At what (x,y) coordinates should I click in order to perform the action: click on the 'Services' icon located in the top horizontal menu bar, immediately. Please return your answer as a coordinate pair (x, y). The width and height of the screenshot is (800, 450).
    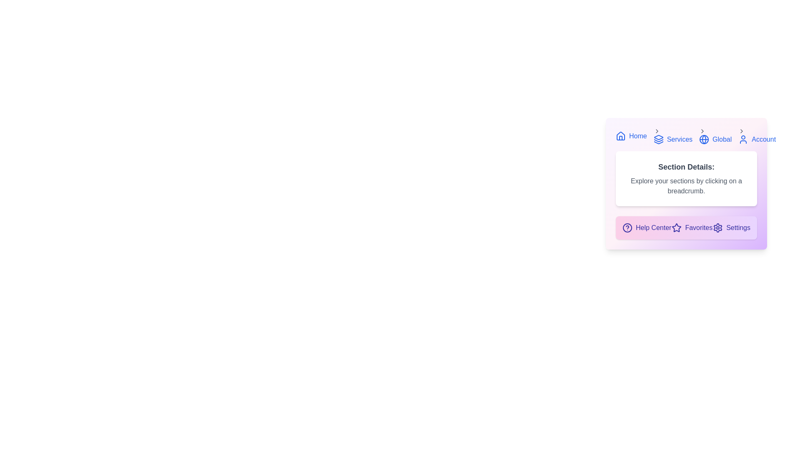
    Looking at the image, I should click on (658, 139).